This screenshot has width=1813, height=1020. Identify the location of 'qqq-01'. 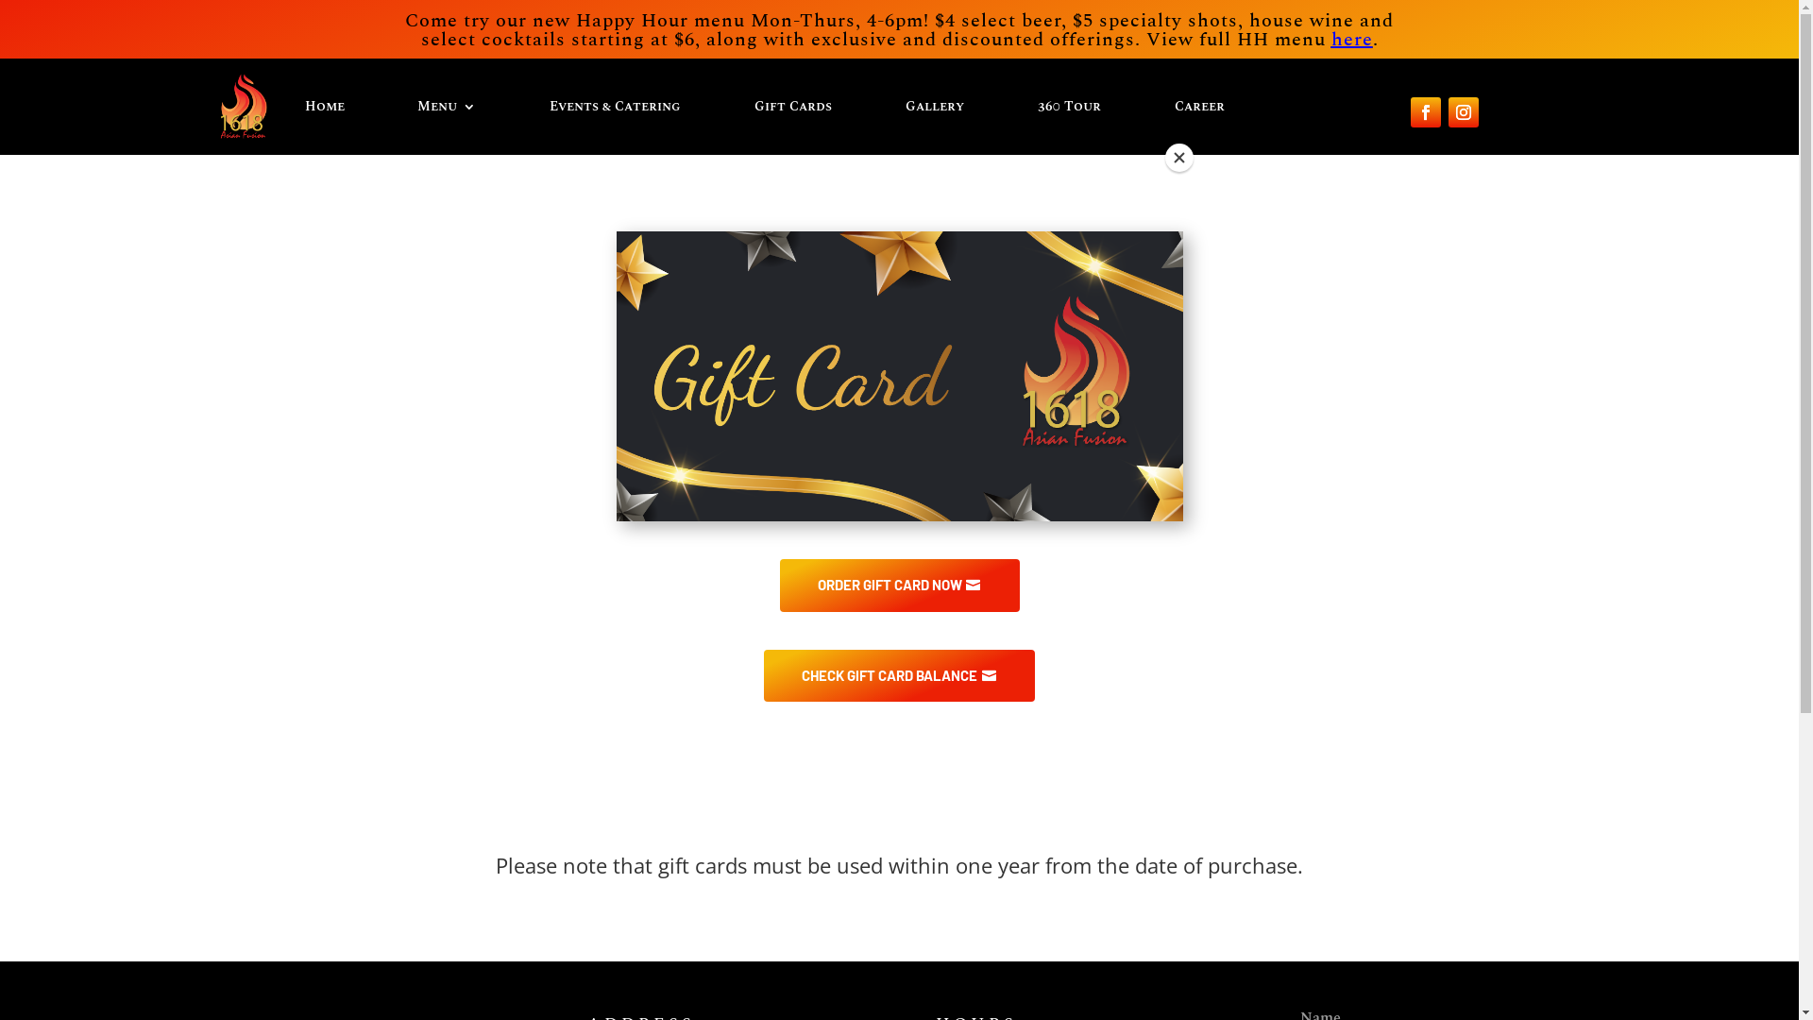
(897, 376).